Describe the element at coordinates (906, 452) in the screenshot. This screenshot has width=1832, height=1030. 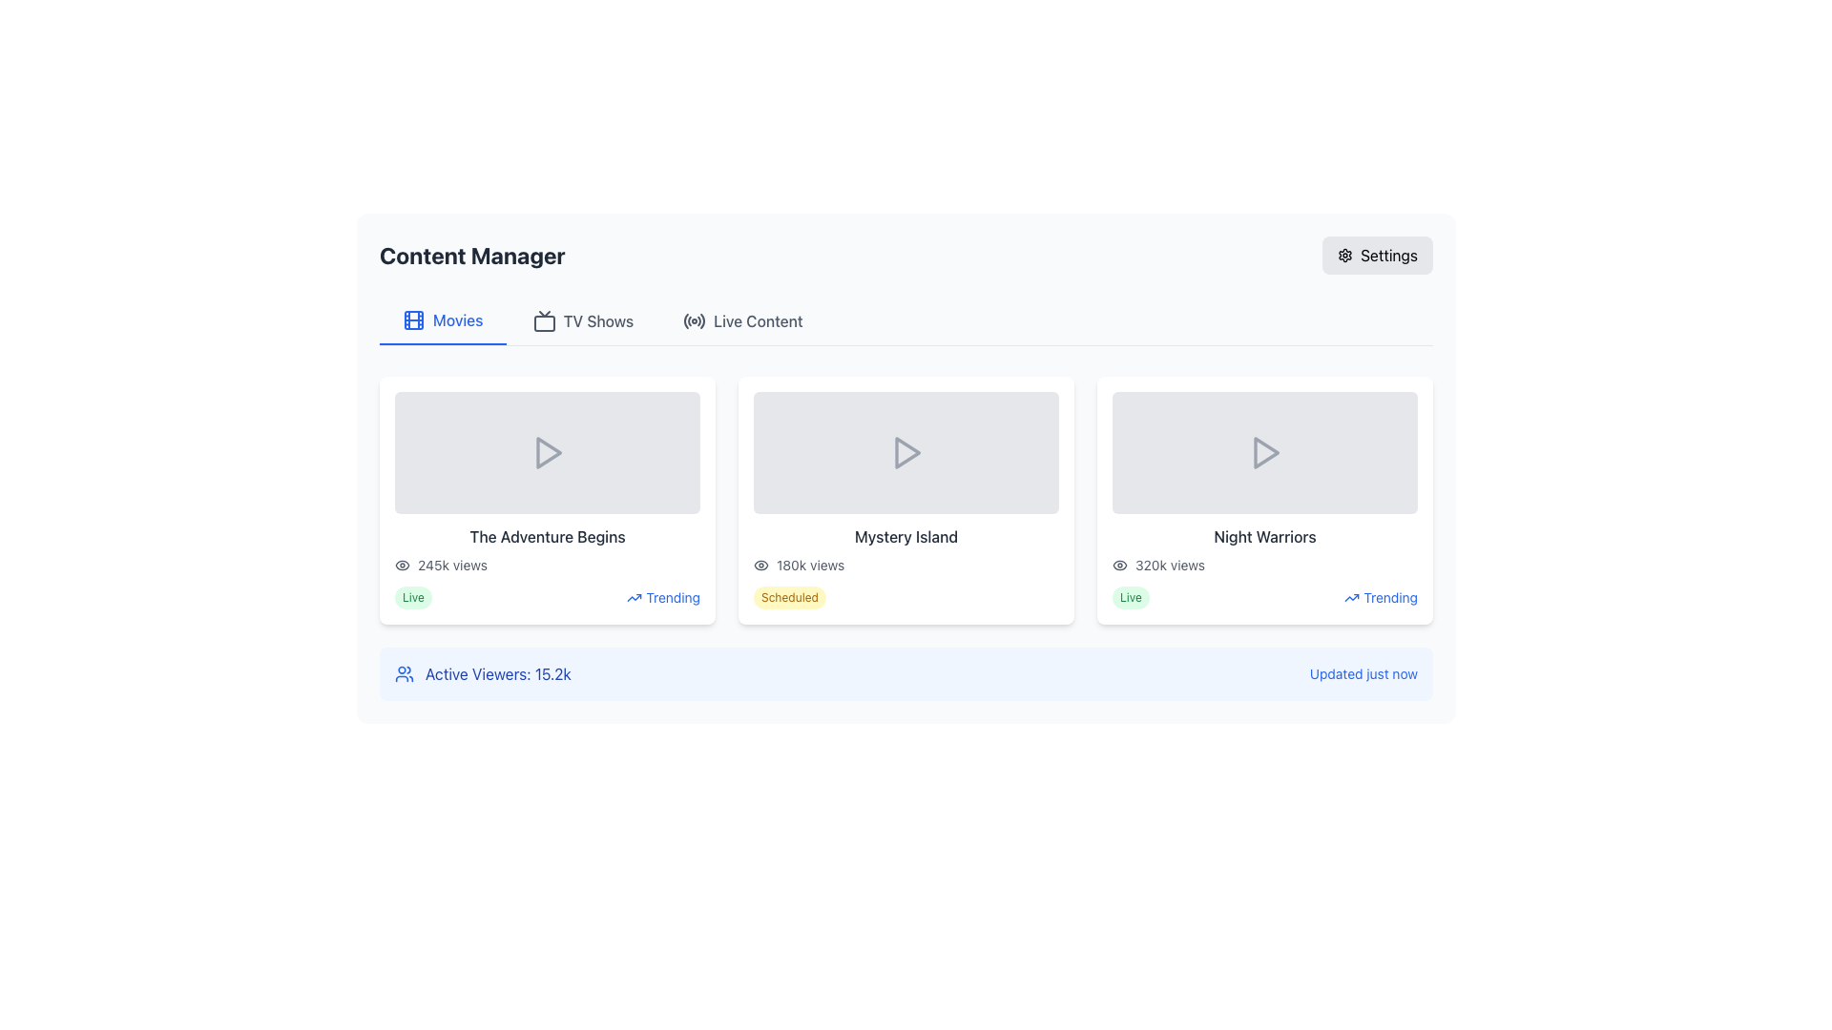
I see `the Video Placeholder for 'Mystery Island' which serves as a preview for video content, positioned centrally in the row of three items under the 'Movies' tab` at that location.